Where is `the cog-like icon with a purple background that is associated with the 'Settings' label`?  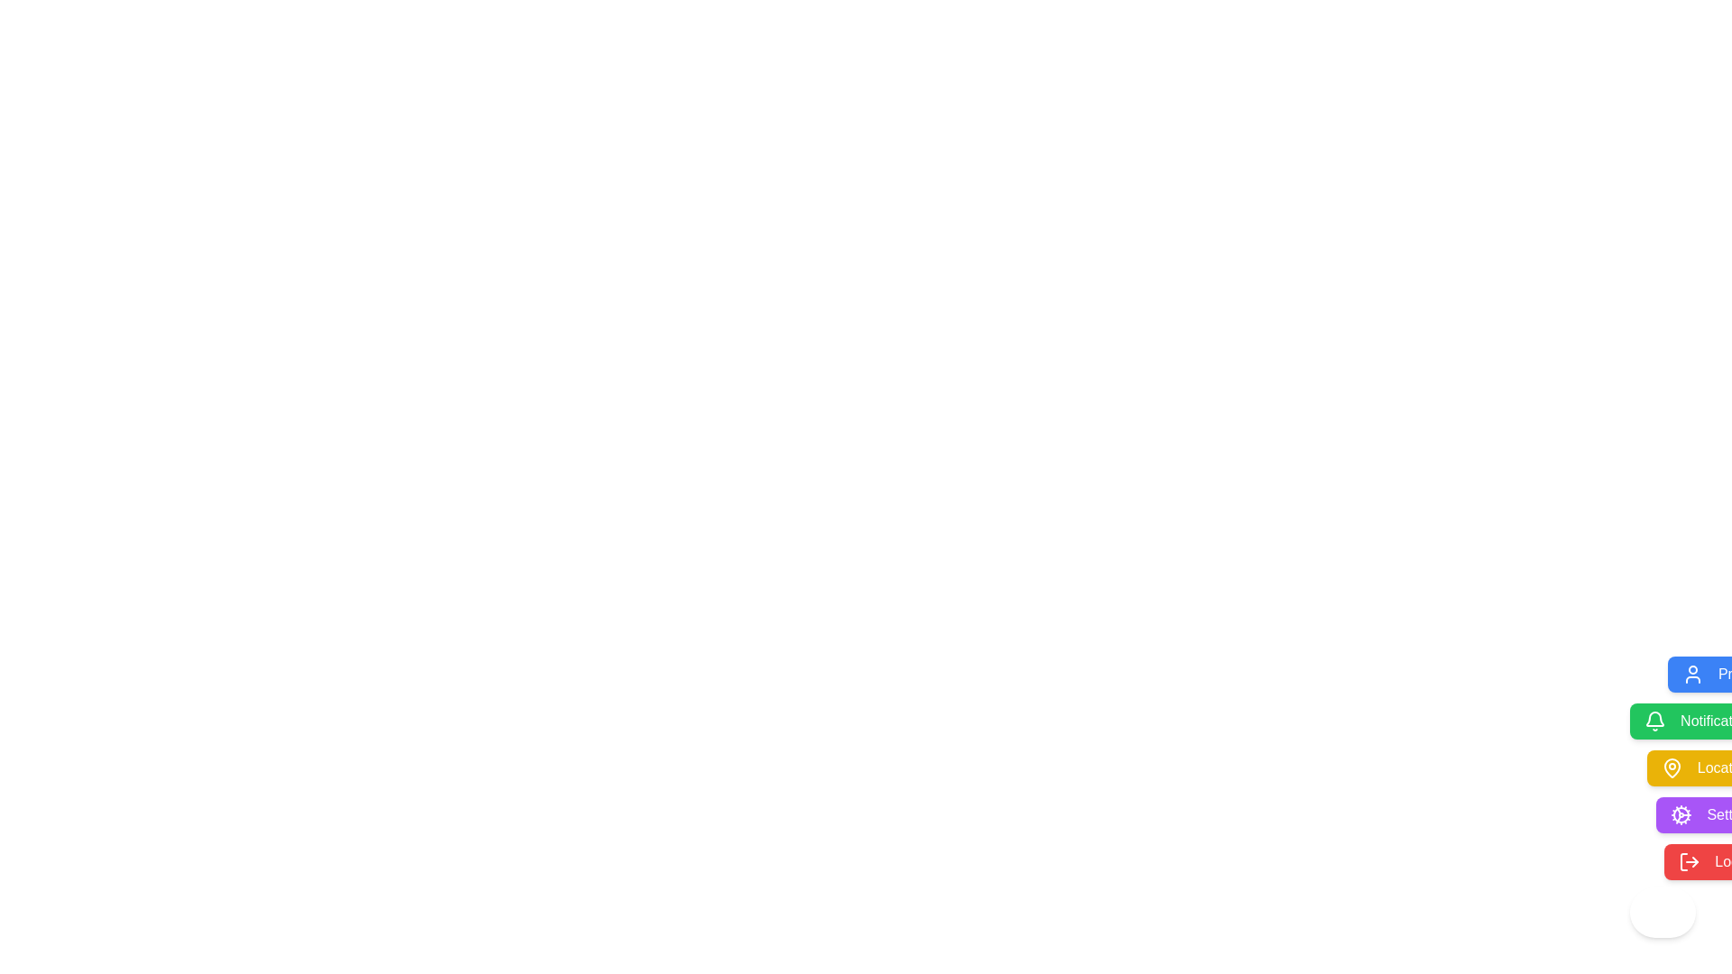
the cog-like icon with a purple background that is associated with the 'Settings' label is located at coordinates (1681, 814).